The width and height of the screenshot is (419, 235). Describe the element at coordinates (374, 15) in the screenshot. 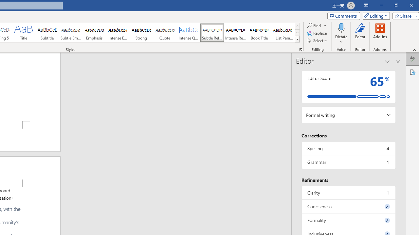

I see `'Editing'` at that location.